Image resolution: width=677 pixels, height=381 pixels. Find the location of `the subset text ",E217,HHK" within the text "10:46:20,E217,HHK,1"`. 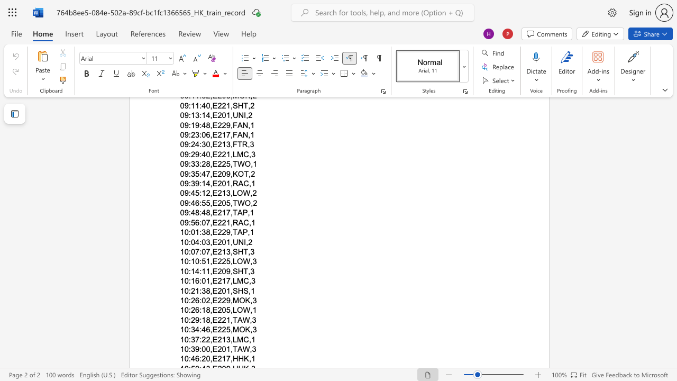

the subset text ",E217,HHK" within the text "10:46:20,E217,HHK,1" is located at coordinates (210, 358).